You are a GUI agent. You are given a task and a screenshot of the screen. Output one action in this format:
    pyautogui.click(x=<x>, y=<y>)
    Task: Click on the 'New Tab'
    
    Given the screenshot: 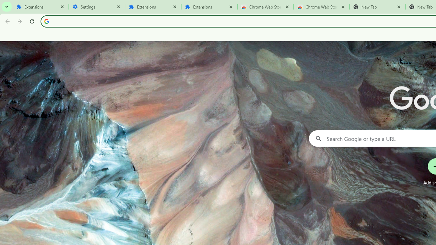 What is the action you would take?
    pyautogui.click(x=377, y=7)
    